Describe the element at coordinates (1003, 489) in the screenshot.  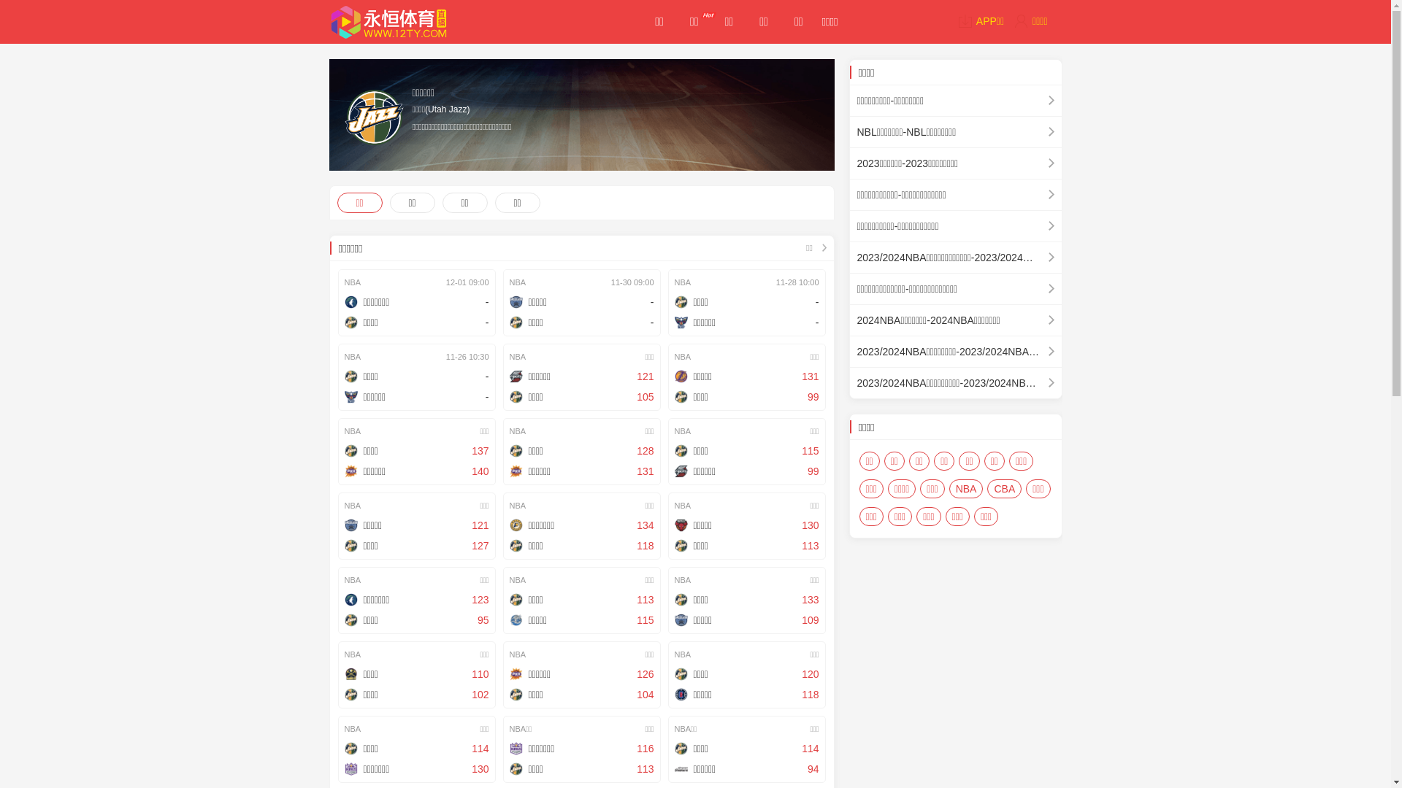
I see `'CBA'` at that location.